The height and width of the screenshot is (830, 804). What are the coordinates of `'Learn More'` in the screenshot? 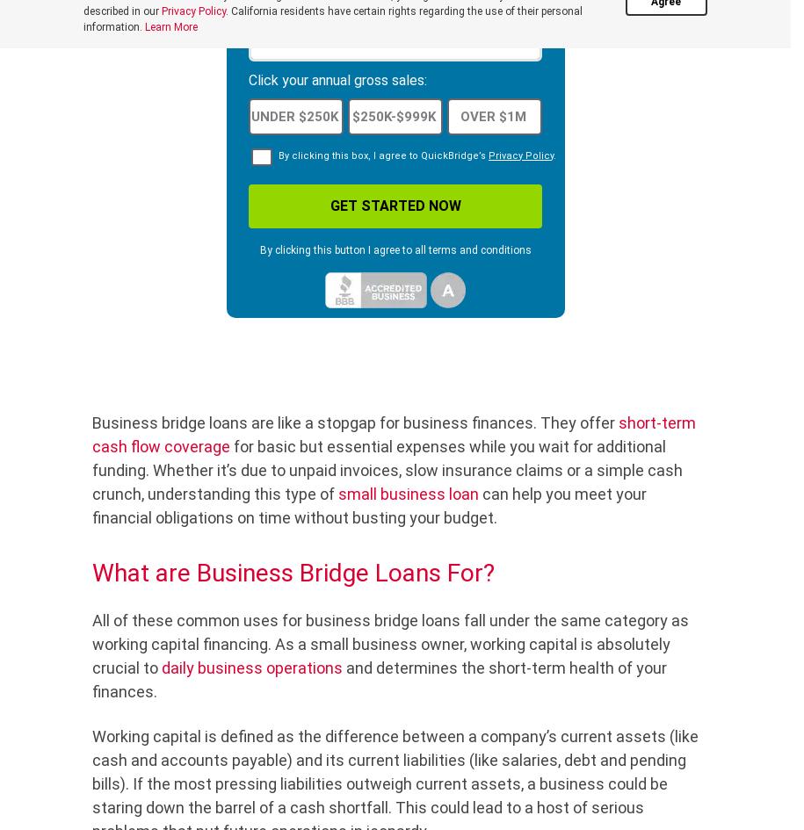 It's located at (170, 26).